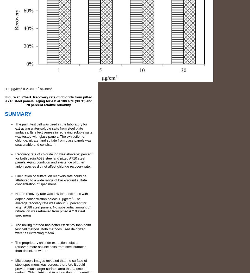 This screenshot has width=250, height=273. I want to click on 'The paint test cell was used in the laboratory  for extracting water-soluble salts from steel plate surfaces. Its effectiveness  in retrieving soluble salts was tested with glass panels. The extraction of  chloride, nitrate, and sulfate from glass panels was seasonable and consistent.', so click(54, 134).